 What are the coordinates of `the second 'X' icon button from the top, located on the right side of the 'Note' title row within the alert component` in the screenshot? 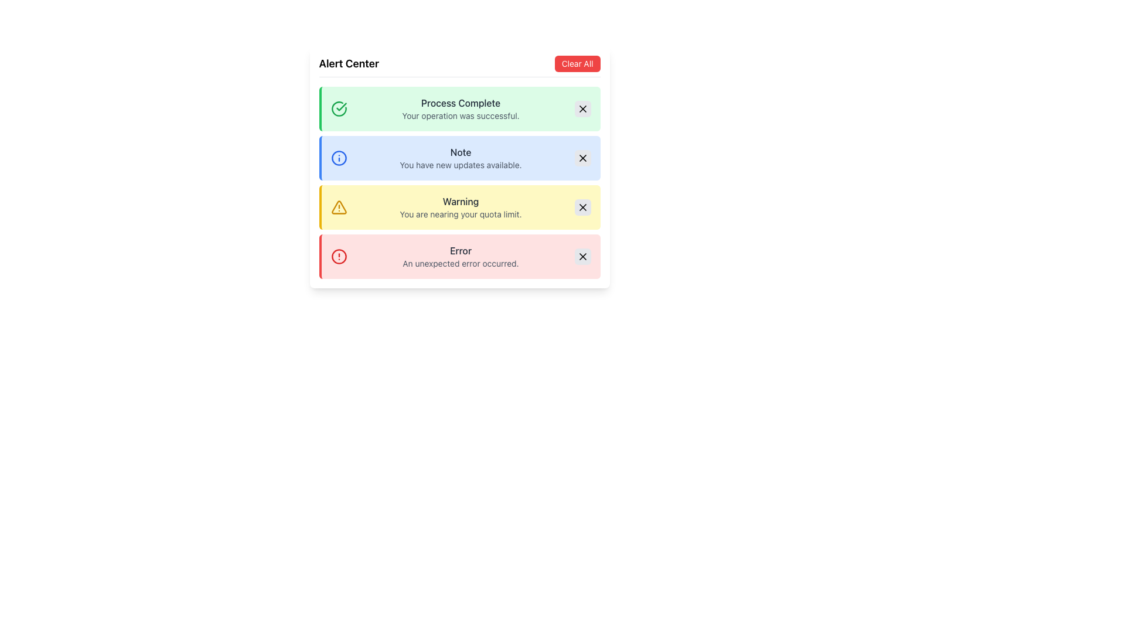 It's located at (582, 158).